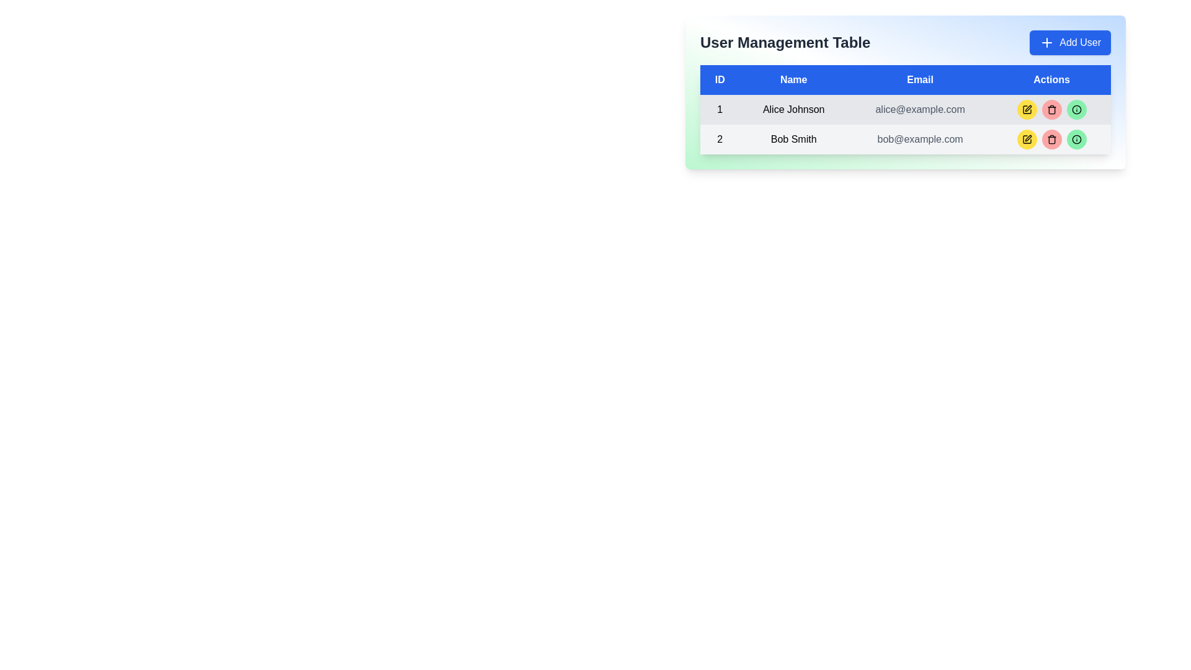 The width and height of the screenshot is (1191, 670). Describe the element at coordinates (1051, 139) in the screenshot. I see `the circular red delete button with a black trashcan symbol located under the 'Actions' column in the last row corresponding to user 'Bob Smith'` at that location.